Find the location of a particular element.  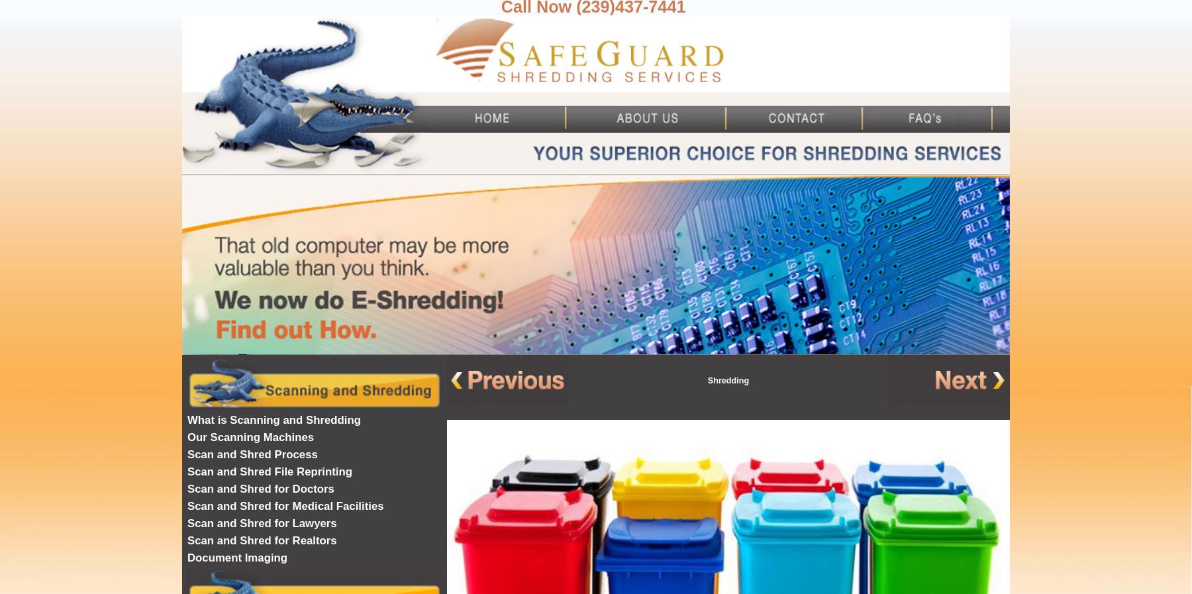

'What is Scanning and Shredding' is located at coordinates (186, 420).